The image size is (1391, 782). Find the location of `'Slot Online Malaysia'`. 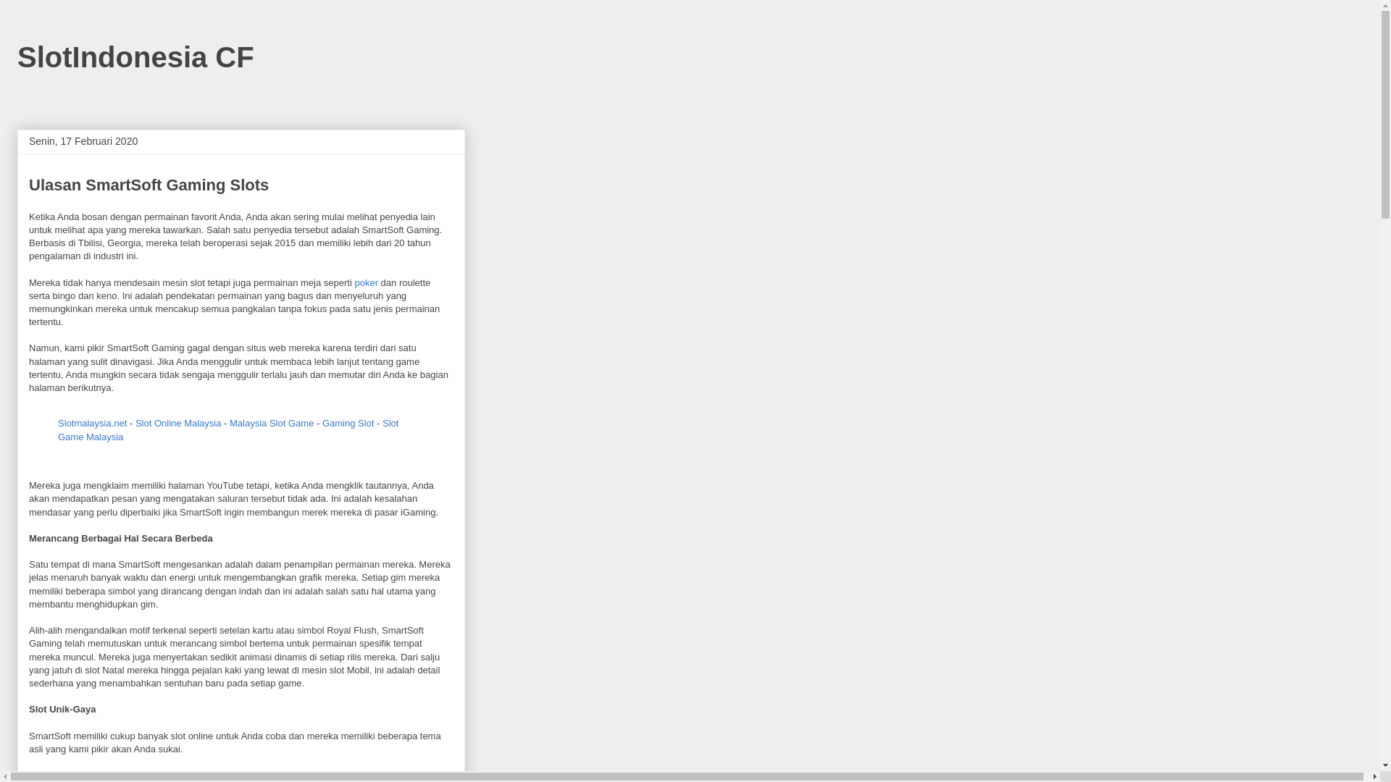

'Slot Online Malaysia' is located at coordinates (135, 423).